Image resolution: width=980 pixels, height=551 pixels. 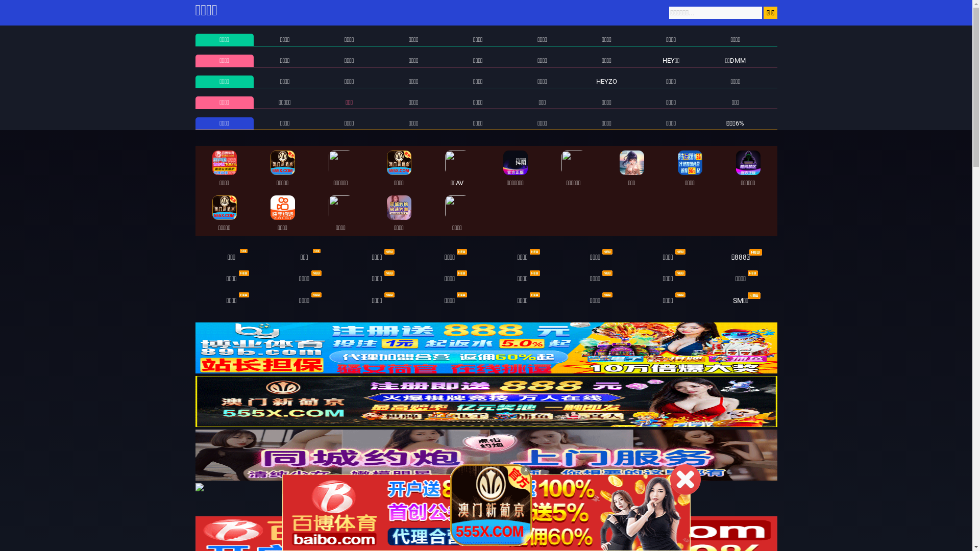 I want to click on 'HEYZO', so click(x=606, y=81).